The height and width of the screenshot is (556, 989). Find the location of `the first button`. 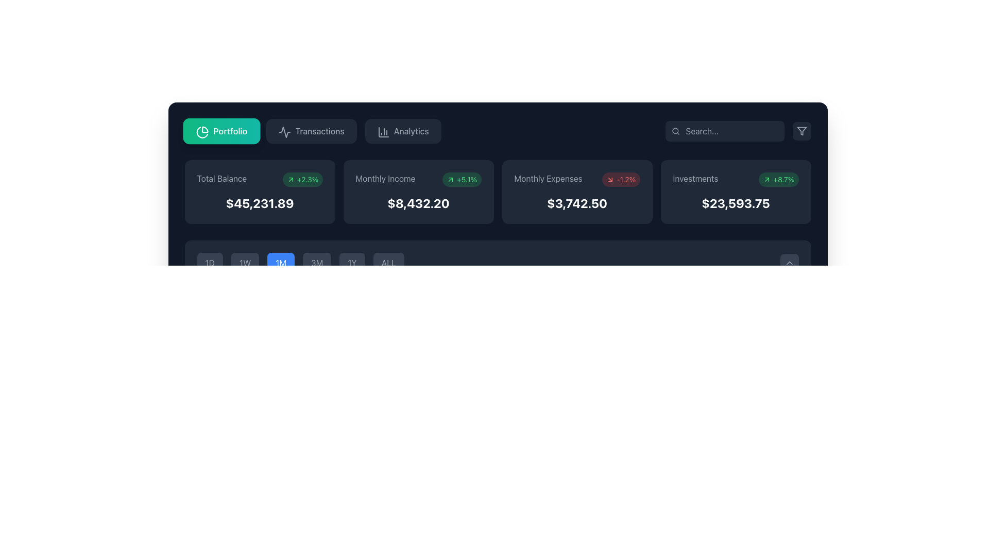

the first button is located at coordinates (220, 130).